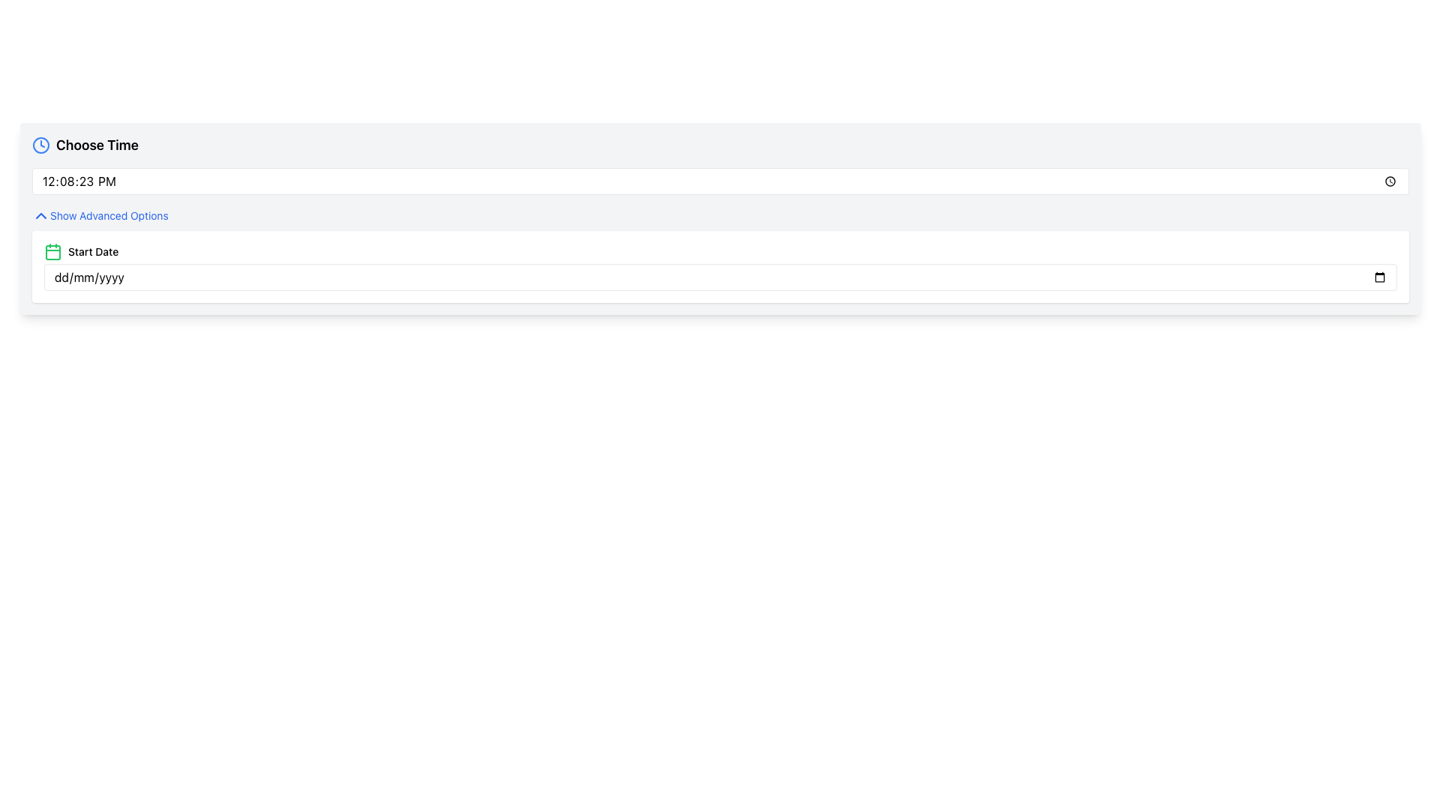  Describe the element at coordinates (53, 250) in the screenshot. I see `the date-related icon positioned at the far left of the 'Start Date' group` at that location.